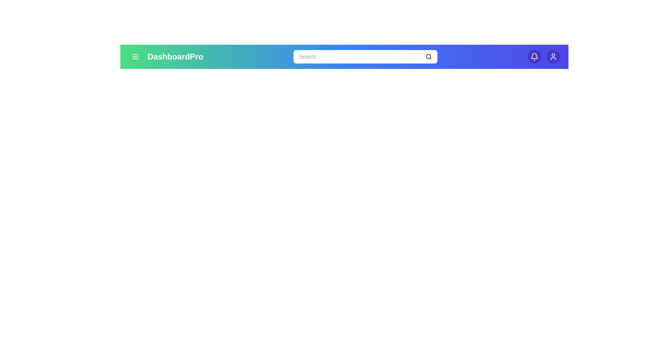  Describe the element at coordinates (534, 56) in the screenshot. I see `notification icon to view alerts` at that location.